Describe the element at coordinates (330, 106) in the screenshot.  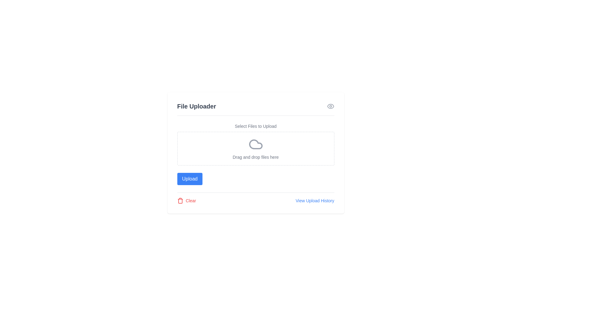
I see `the visibility toggle icon located at the top-right corner of the 'File Uploader' section` at that location.